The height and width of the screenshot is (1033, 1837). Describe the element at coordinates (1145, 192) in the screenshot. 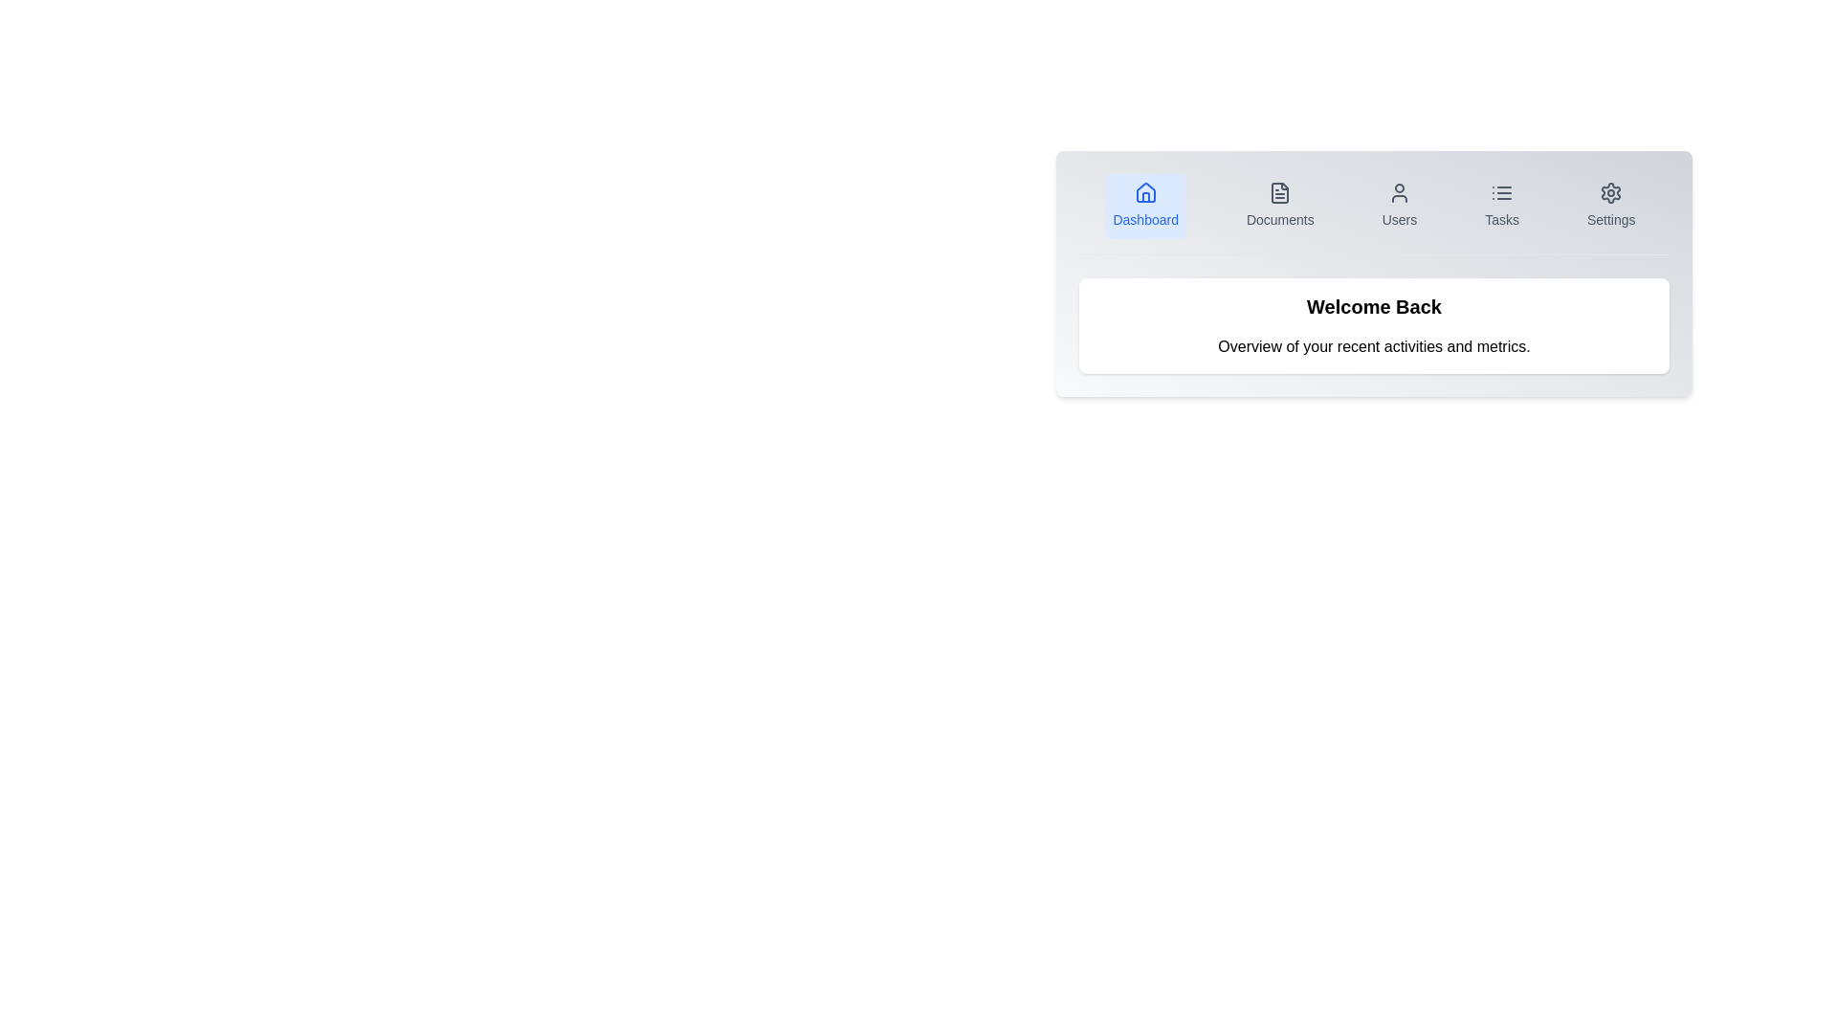

I see `the Dashboard icon located at the top-left of the horizontal navigation bar, which serves as a symbolic representation for the Dashboard button` at that location.